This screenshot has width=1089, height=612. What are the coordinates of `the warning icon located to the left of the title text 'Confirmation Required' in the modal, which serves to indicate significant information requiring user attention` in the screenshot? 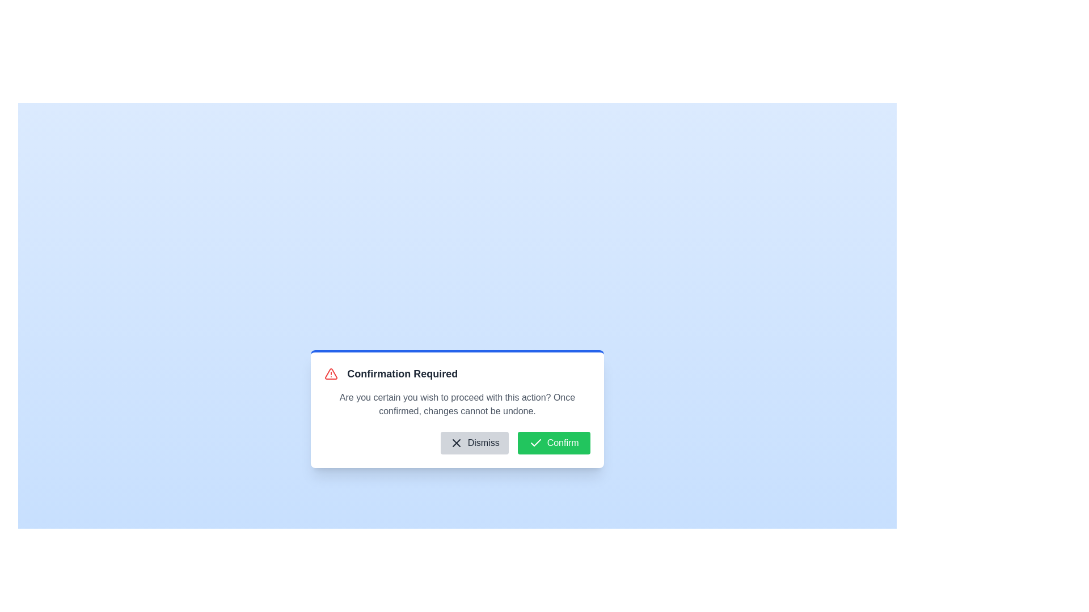 It's located at (331, 373).